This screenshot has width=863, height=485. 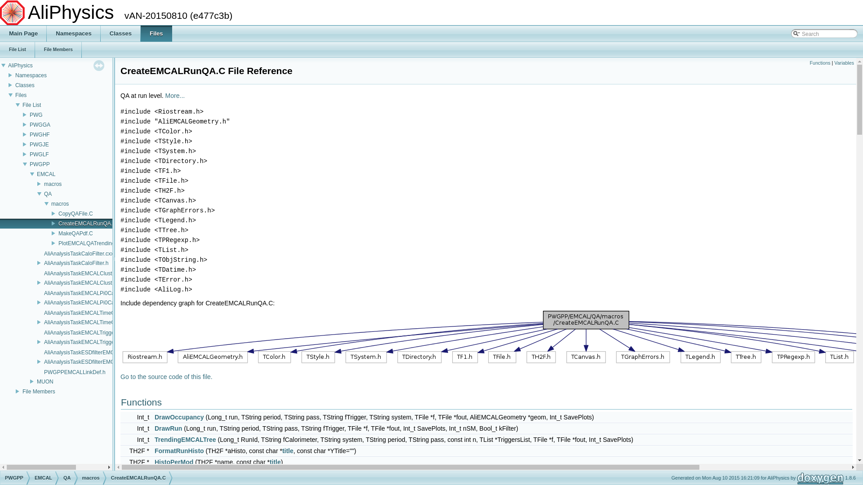 I want to click on 'click to disable panel synchronisation', so click(x=93, y=65).